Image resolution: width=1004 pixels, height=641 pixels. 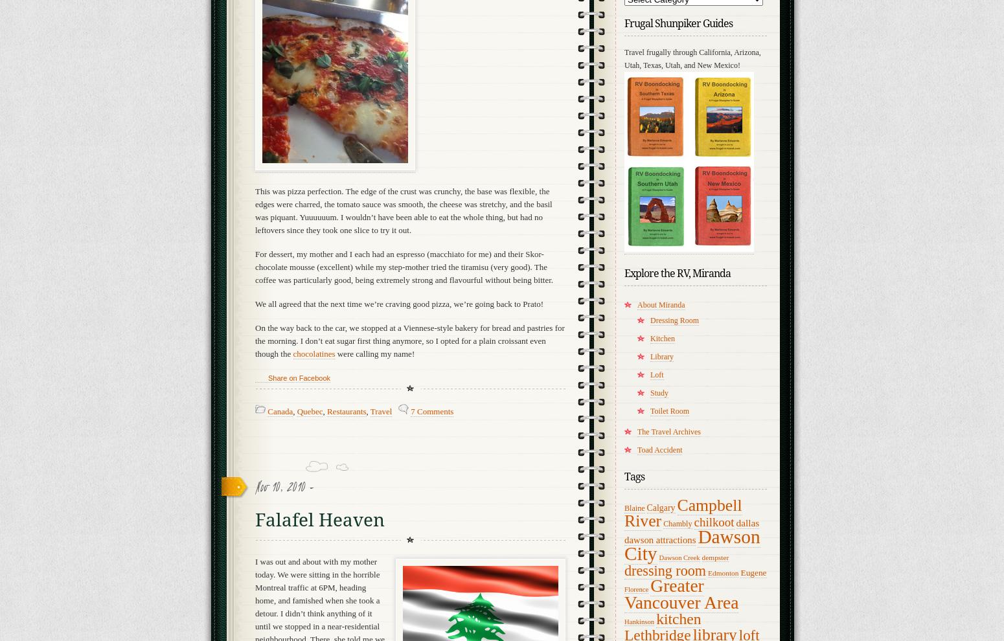 I want to click on 'Dawson City', so click(x=623, y=544).